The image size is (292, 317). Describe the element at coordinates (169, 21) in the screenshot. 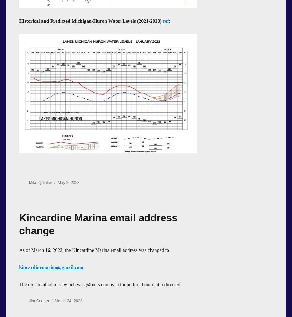

I see `':'` at that location.